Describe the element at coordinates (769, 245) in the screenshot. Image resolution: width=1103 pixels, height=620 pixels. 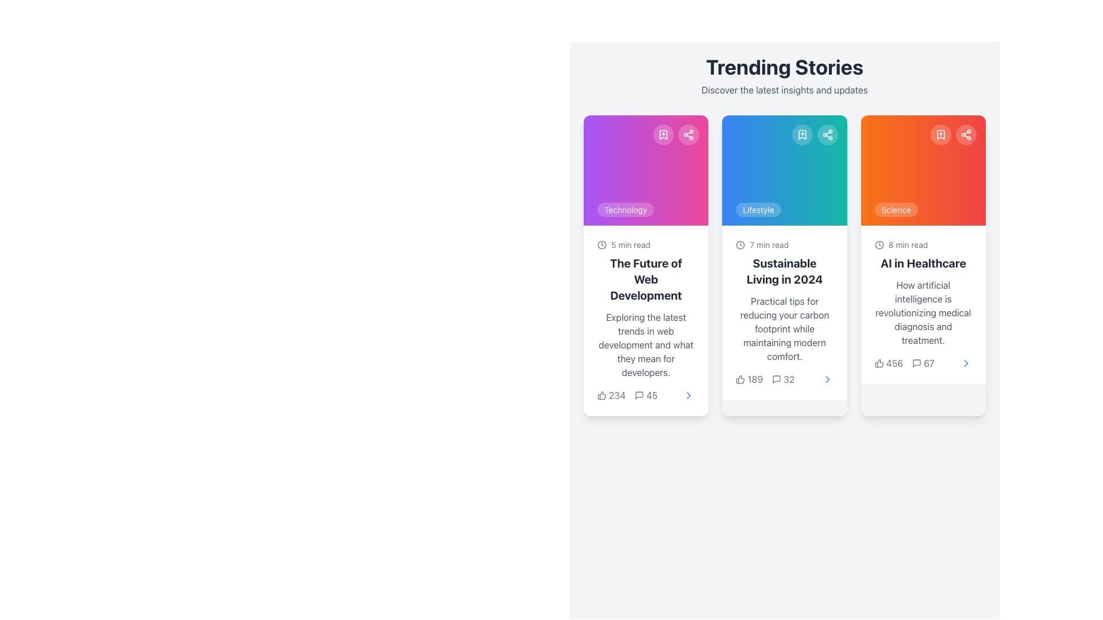
I see `the text label indicating the approximate reading time in the second card of 'Trending Stories', positioned beneath the 'Lifestyle' category and to the right of the clock icon` at that location.